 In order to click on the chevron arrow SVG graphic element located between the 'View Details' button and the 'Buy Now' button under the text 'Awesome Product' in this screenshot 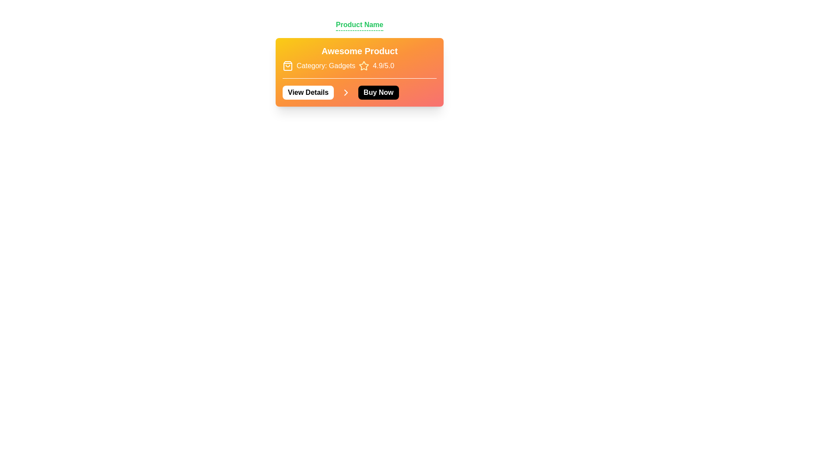, I will do `click(346, 93)`.